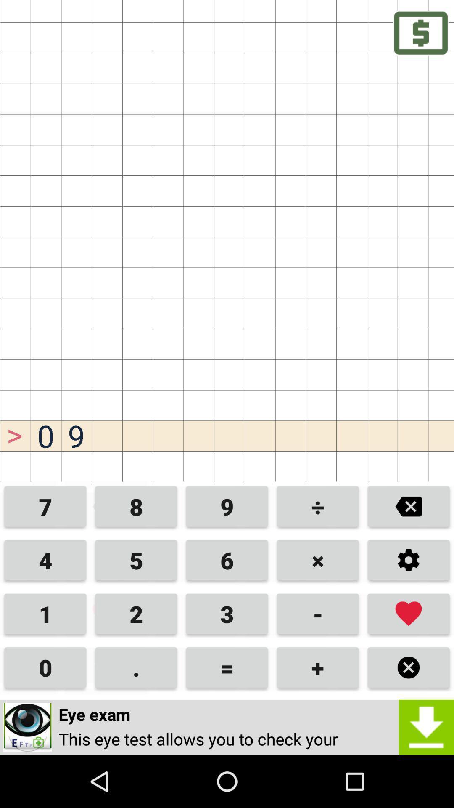  What do you see at coordinates (408, 667) in the screenshot?
I see `screen` at bounding box center [408, 667].